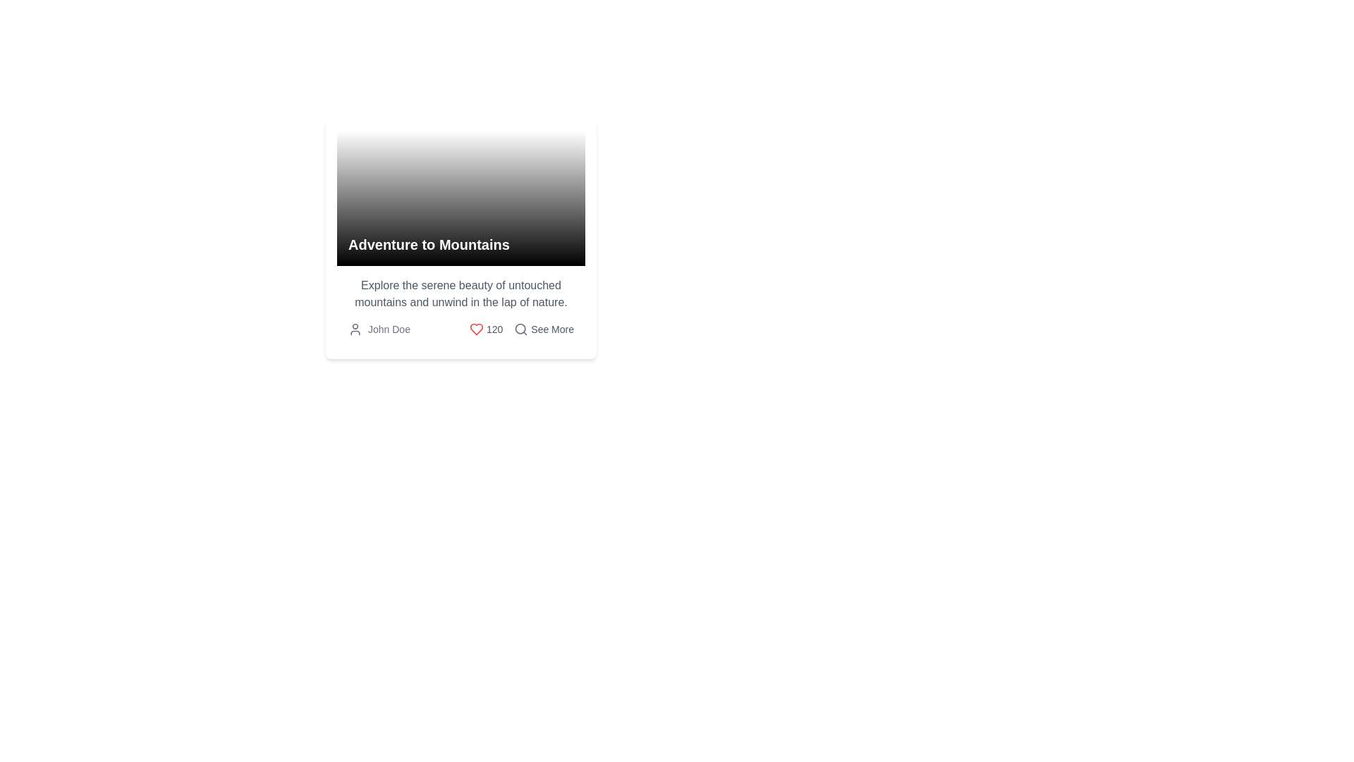 The height and width of the screenshot is (762, 1354). Describe the element at coordinates (389, 329) in the screenshot. I see `the Text label that serves as an author identifier positioned at the bottom left corner of the card, following a user profile icon` at that location.